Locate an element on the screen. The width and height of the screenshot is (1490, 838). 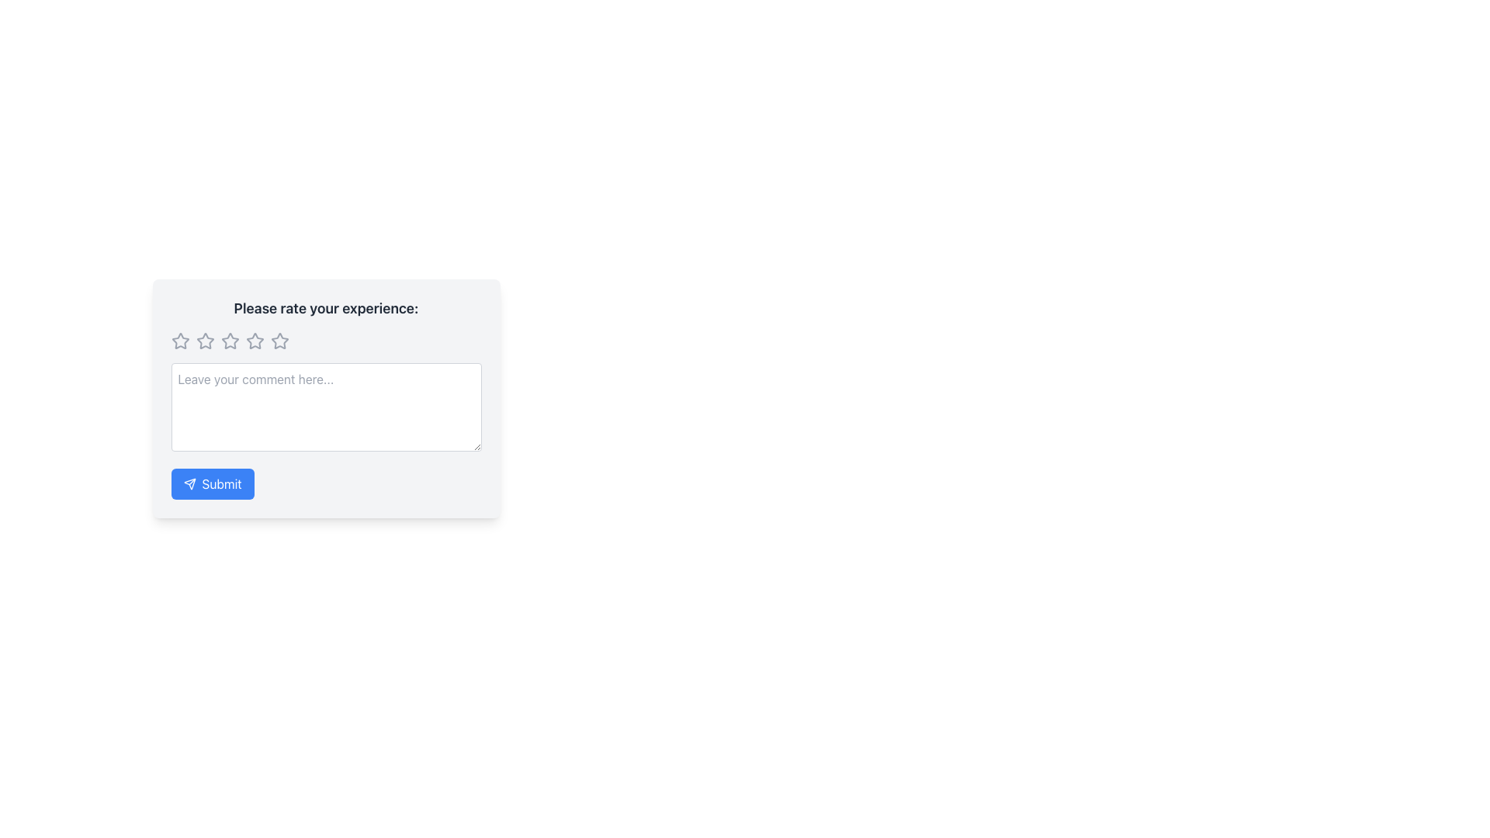
the paper airplane icon located within the 'Submit' button at the bottom-right of the feedback form interface is located at coordinates (189, 483).